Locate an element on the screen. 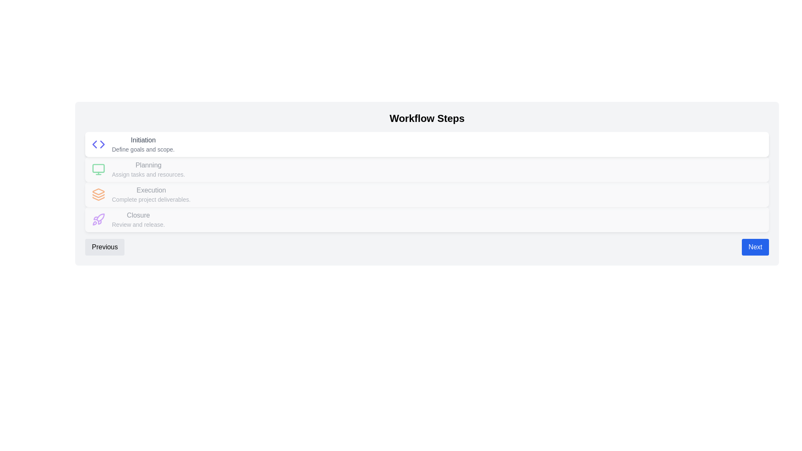  the descriptive text that provides guidance related to the 'Closure' step, which specifies its objective as 'Review and release.' This text is located directly below the 'Closure' heading within the workflow steps section is located at coordinates (138, 224).